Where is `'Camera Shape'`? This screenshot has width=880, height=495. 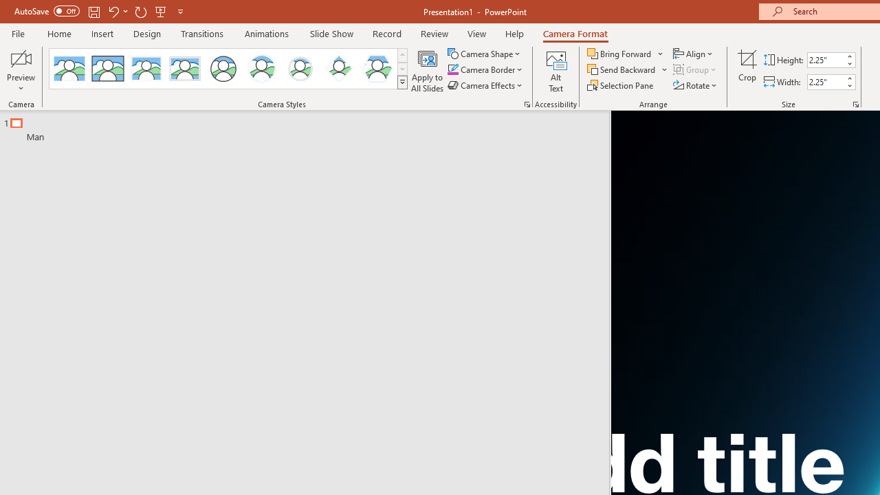 'Camera Shape' is located at coordinates (485, 53).